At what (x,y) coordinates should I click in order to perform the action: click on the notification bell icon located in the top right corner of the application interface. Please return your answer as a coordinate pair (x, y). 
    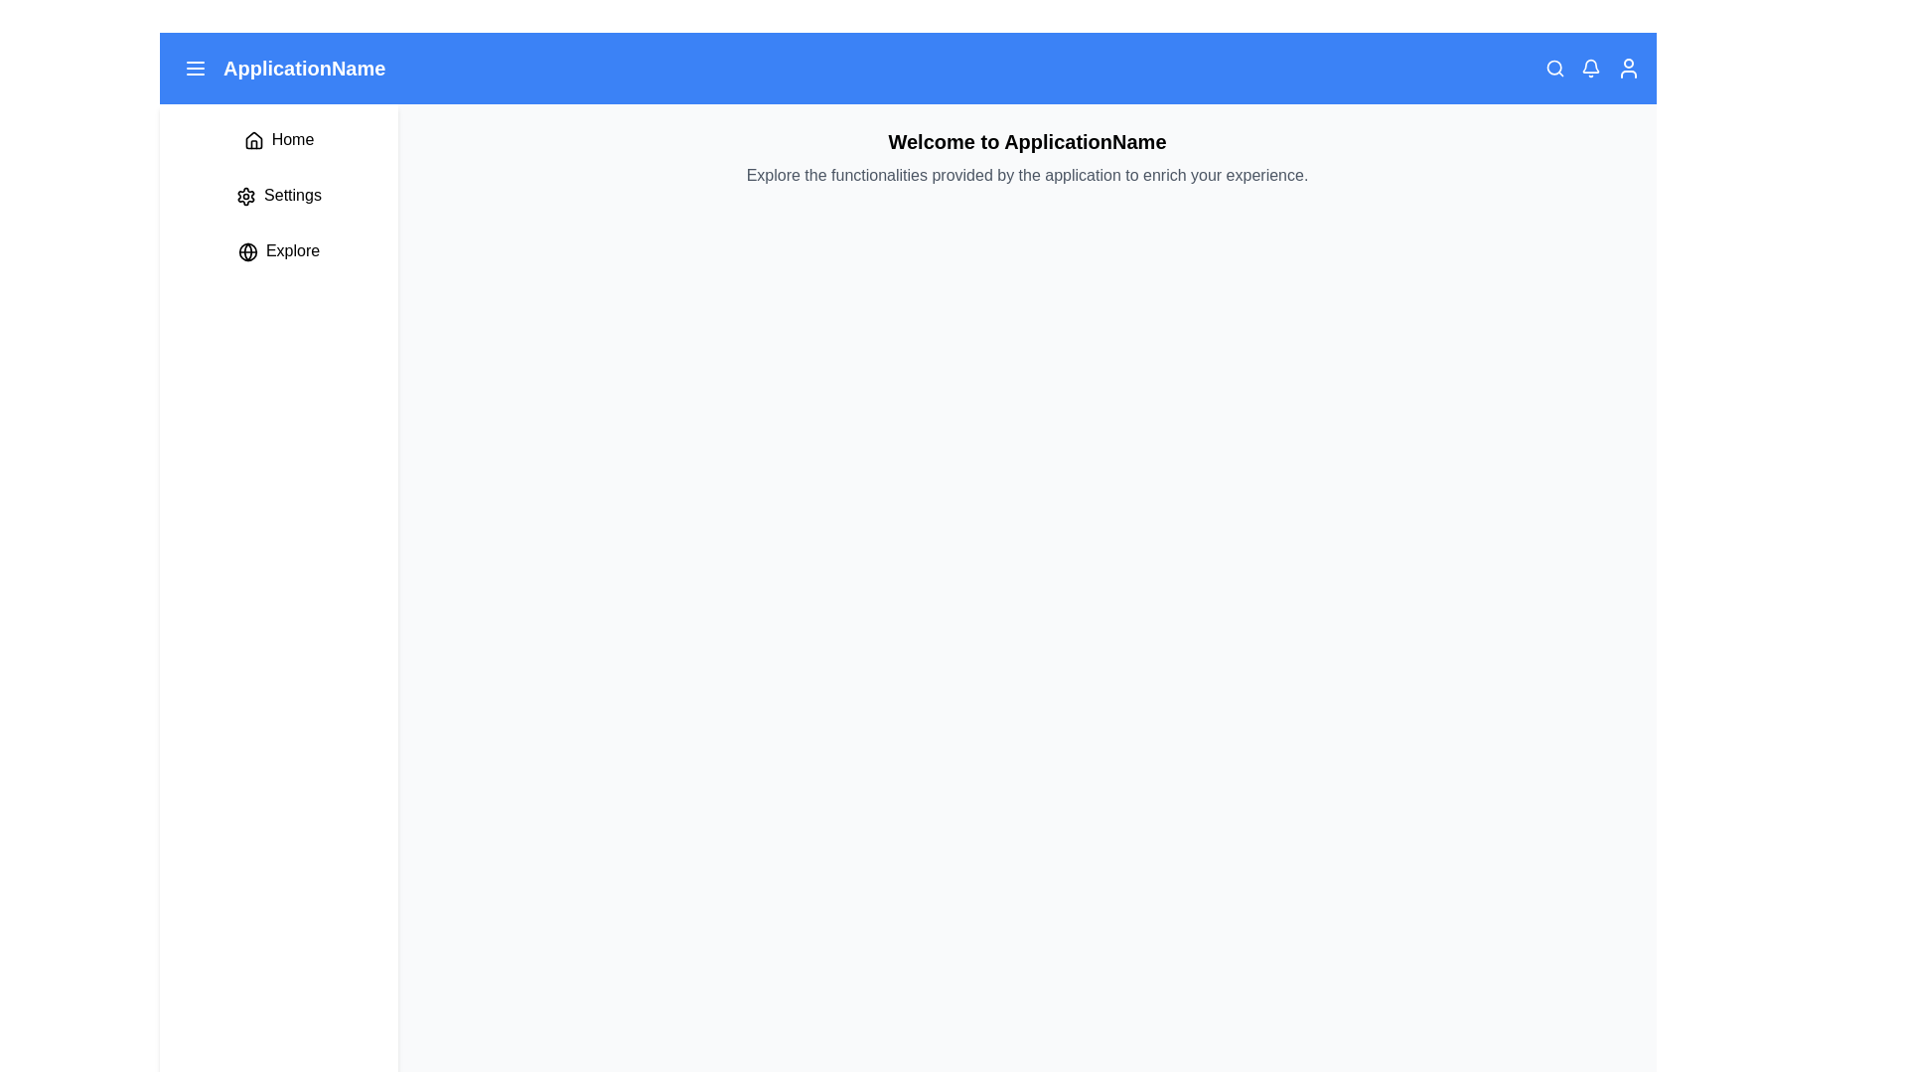
    Looking at the image, I should click on (1591, 68).